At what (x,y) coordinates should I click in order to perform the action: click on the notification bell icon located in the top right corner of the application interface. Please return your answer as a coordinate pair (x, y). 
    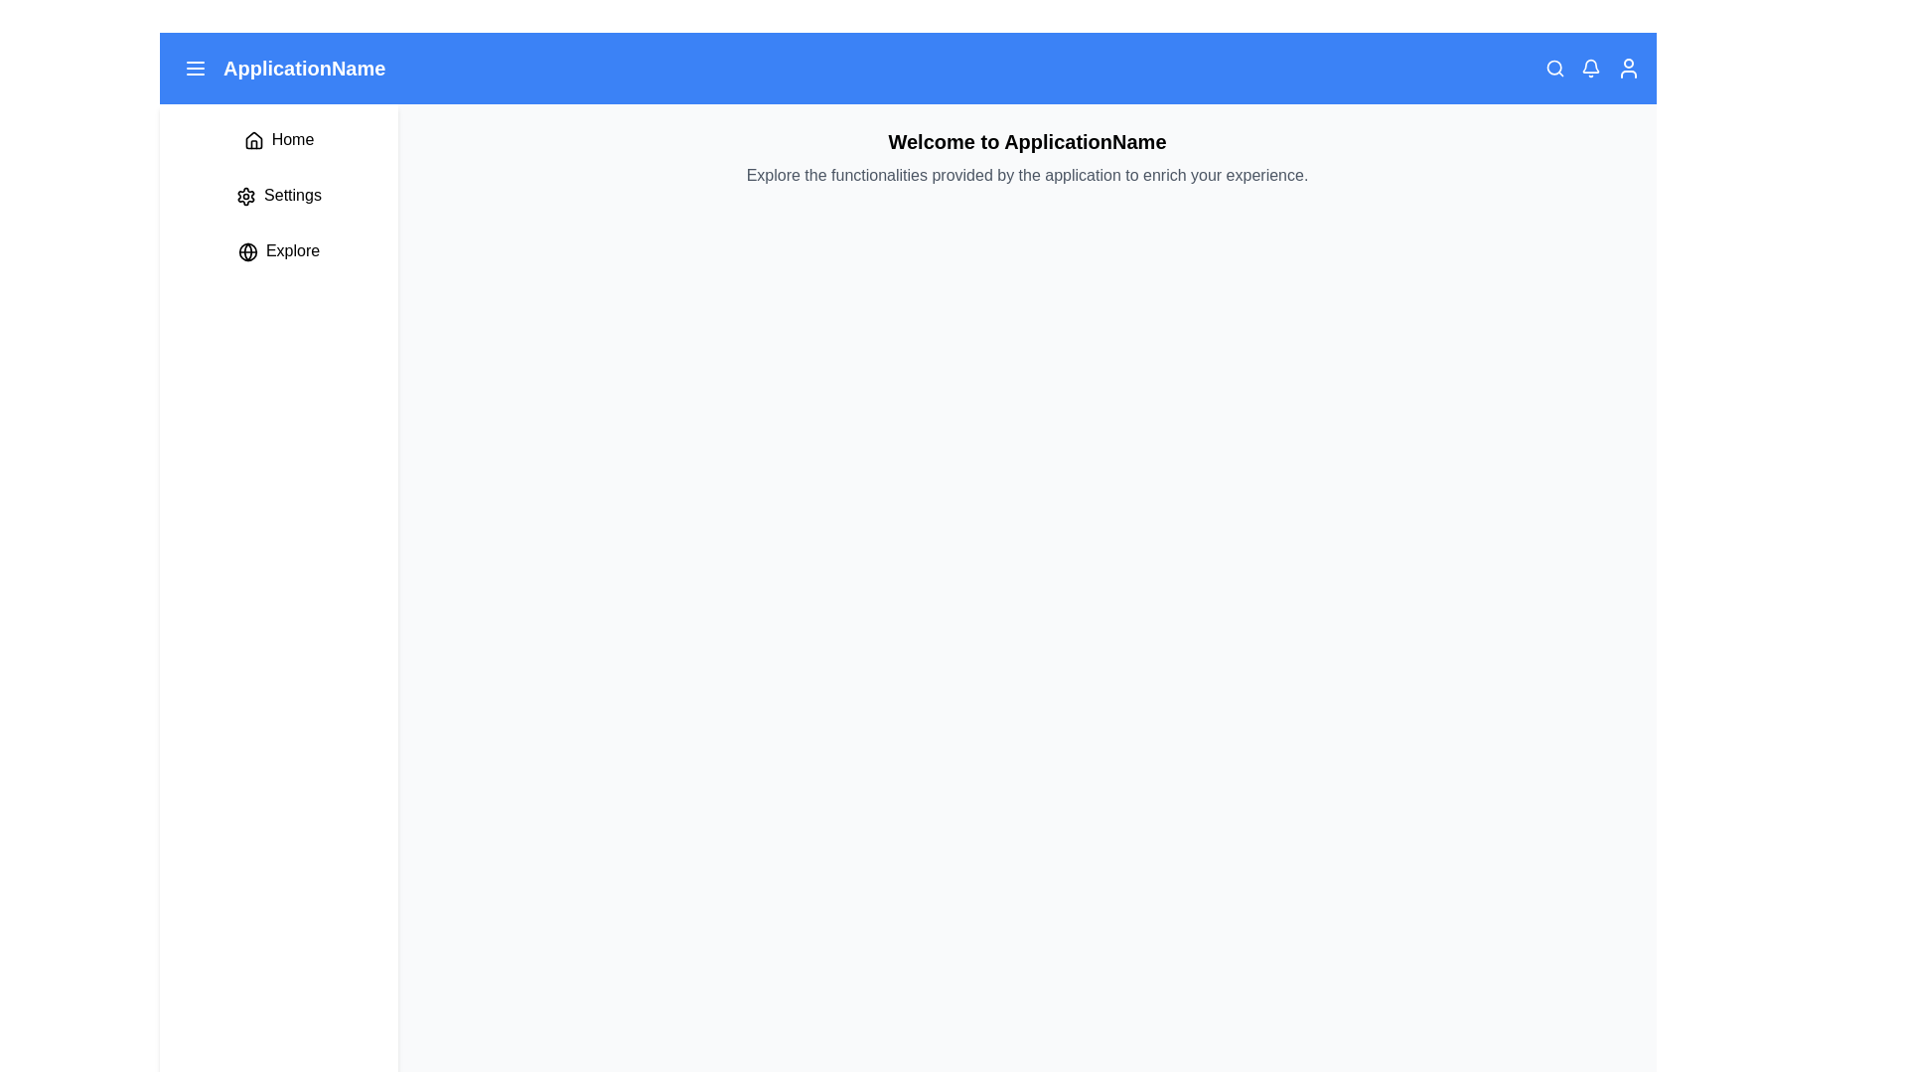
    Looking at the image, I should click on (1591, 68).